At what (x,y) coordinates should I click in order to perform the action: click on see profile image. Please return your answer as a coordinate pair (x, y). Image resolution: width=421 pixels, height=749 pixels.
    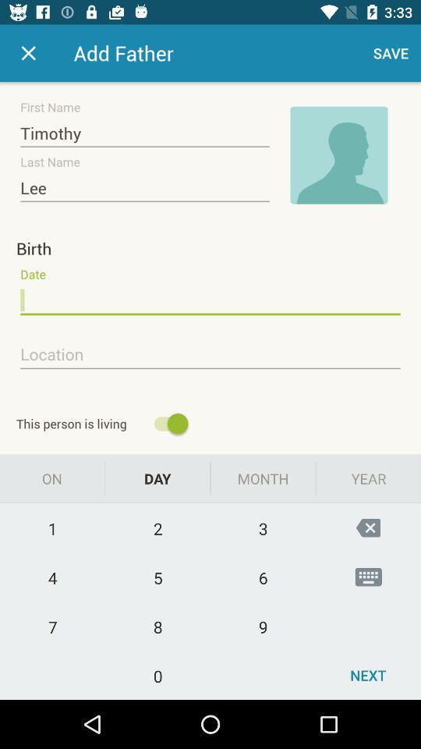
    Looking at the image, I should click on (338, 155).